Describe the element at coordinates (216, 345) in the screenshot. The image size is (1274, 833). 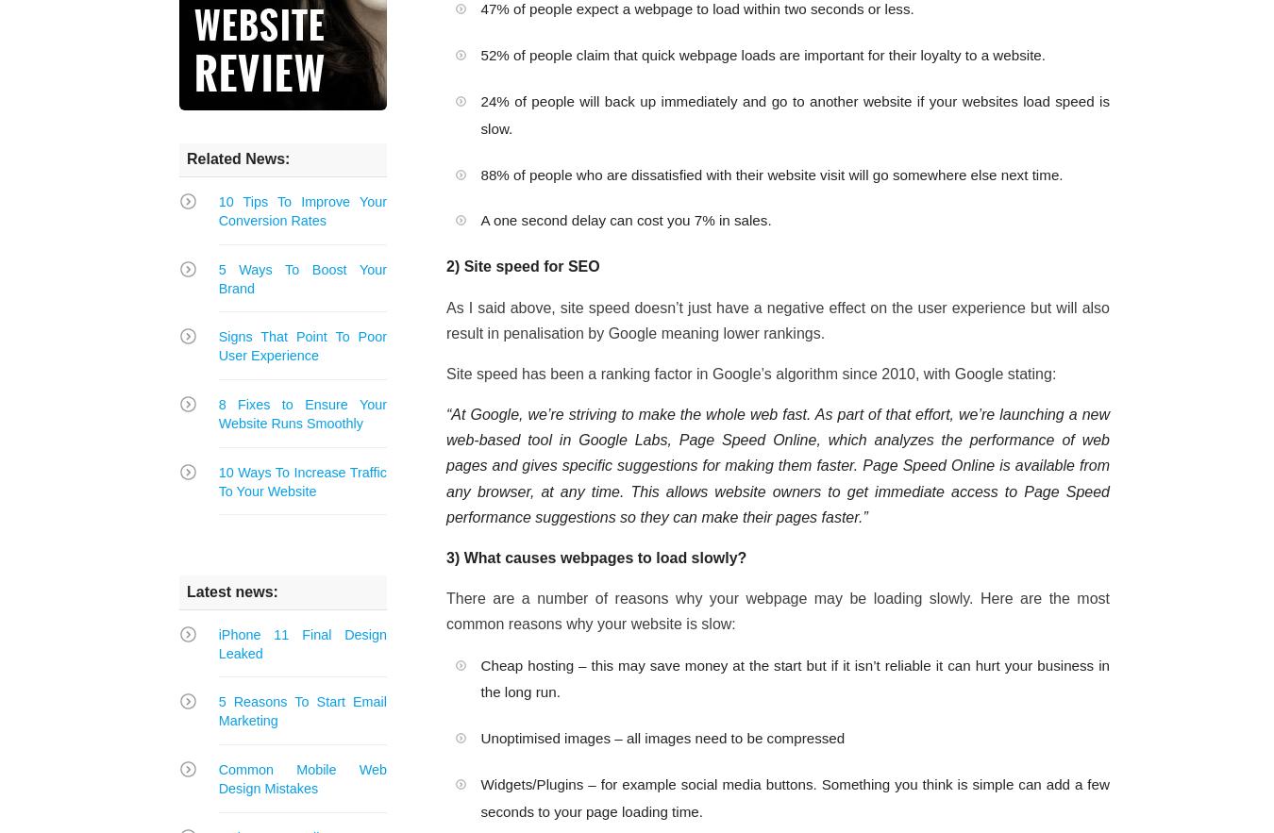
I see `'Signs That Point To Poor User Experience'` at that location.